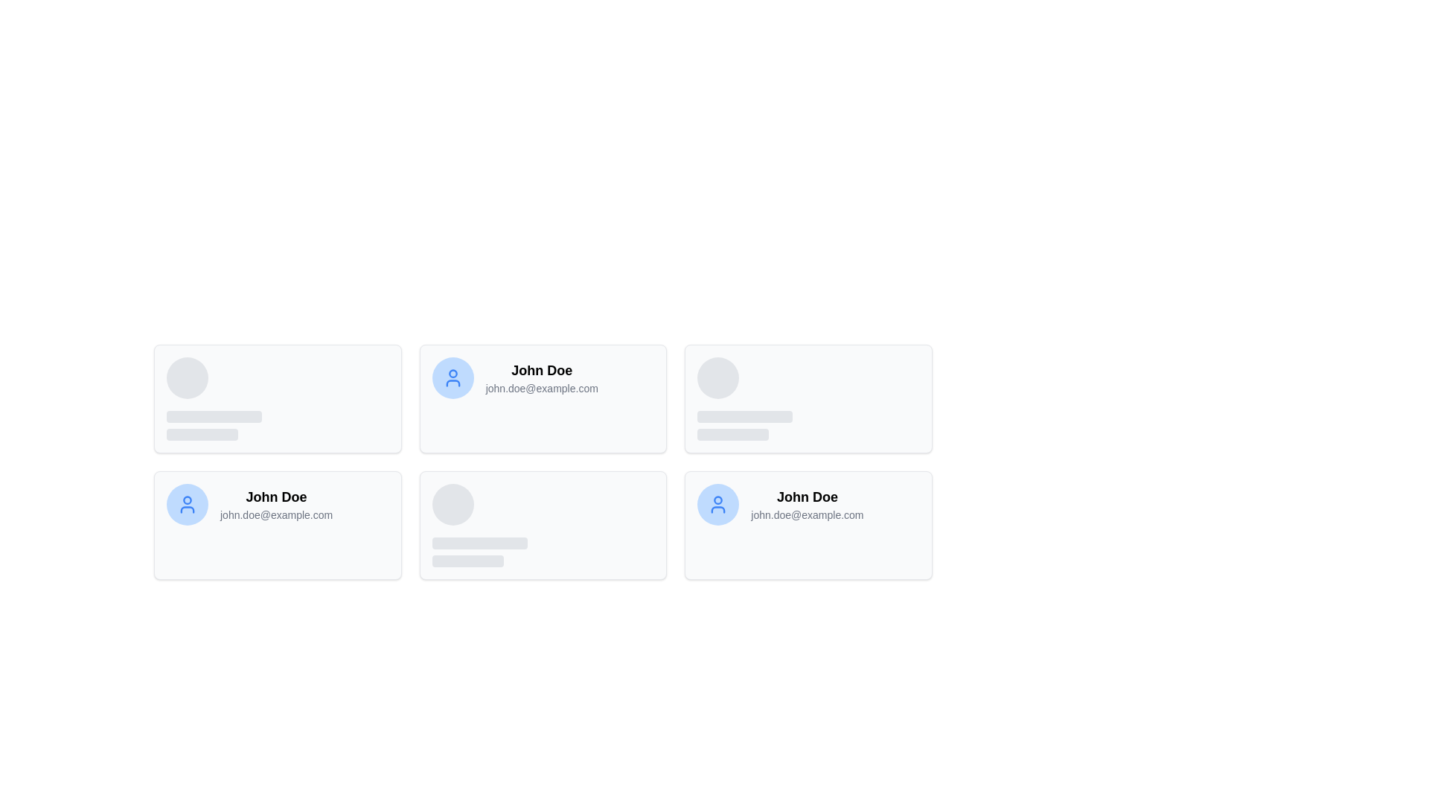 The image size is (1429, 804). I want to click on the label displaying the name 'John Doe', so click(276, 497).